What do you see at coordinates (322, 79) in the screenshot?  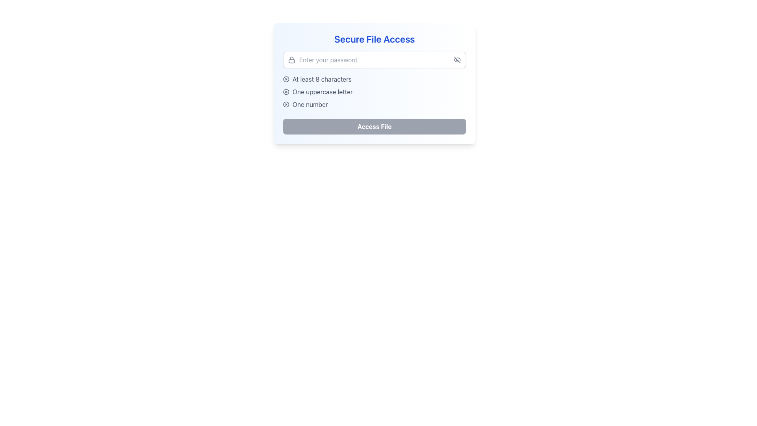 I see `the text element that informs the user about the necessity of having at least eight characters in the password input, located within the password requirements section, below the password input field` at bounding box center [322, 79].